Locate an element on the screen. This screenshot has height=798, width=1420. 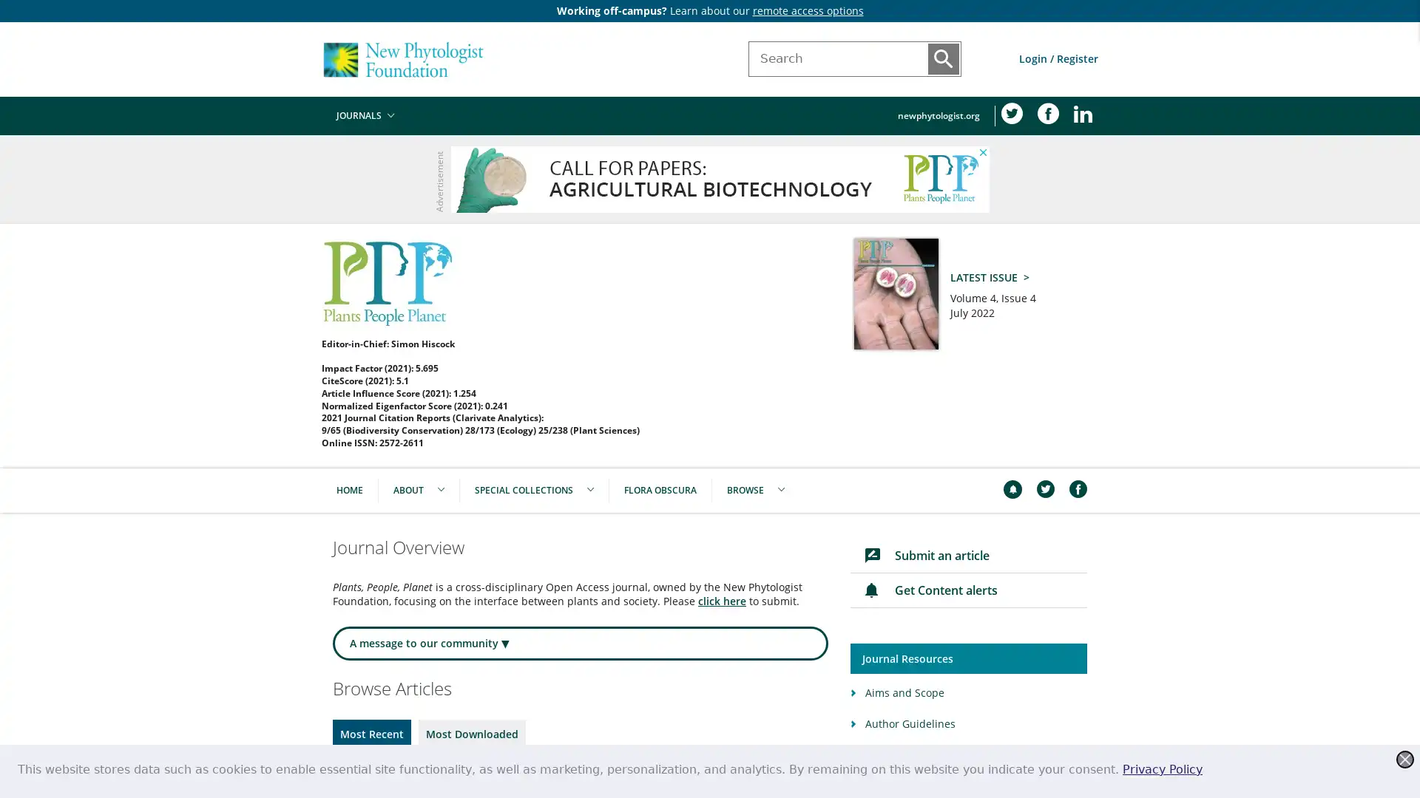
Log in or Register is located at coordinates (1058, 58).